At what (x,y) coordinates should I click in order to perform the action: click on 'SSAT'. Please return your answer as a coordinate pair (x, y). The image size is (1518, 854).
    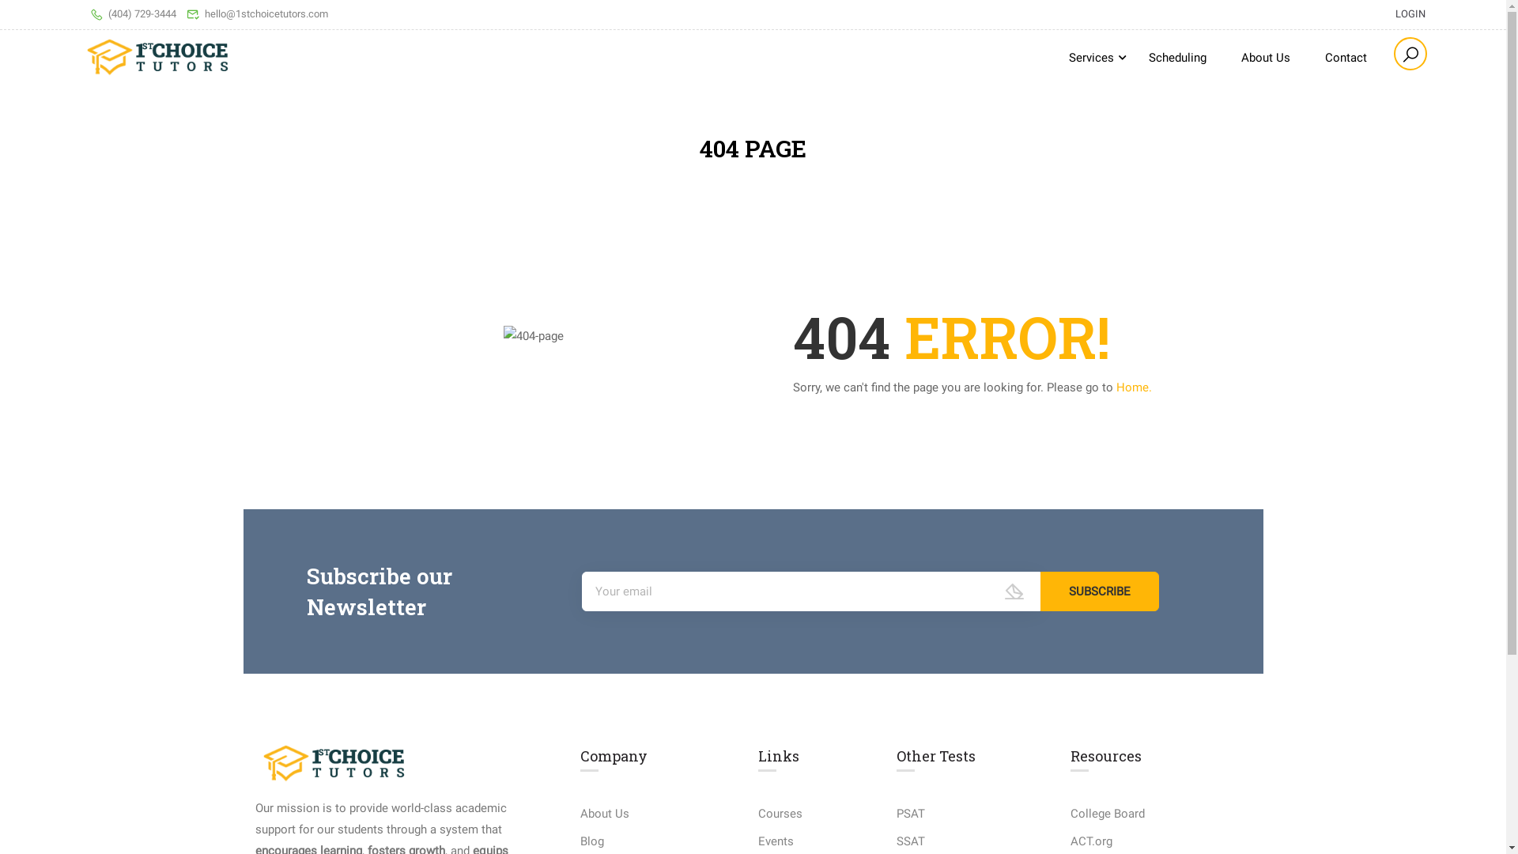
    Looking at the image, I should click on (911, 841).